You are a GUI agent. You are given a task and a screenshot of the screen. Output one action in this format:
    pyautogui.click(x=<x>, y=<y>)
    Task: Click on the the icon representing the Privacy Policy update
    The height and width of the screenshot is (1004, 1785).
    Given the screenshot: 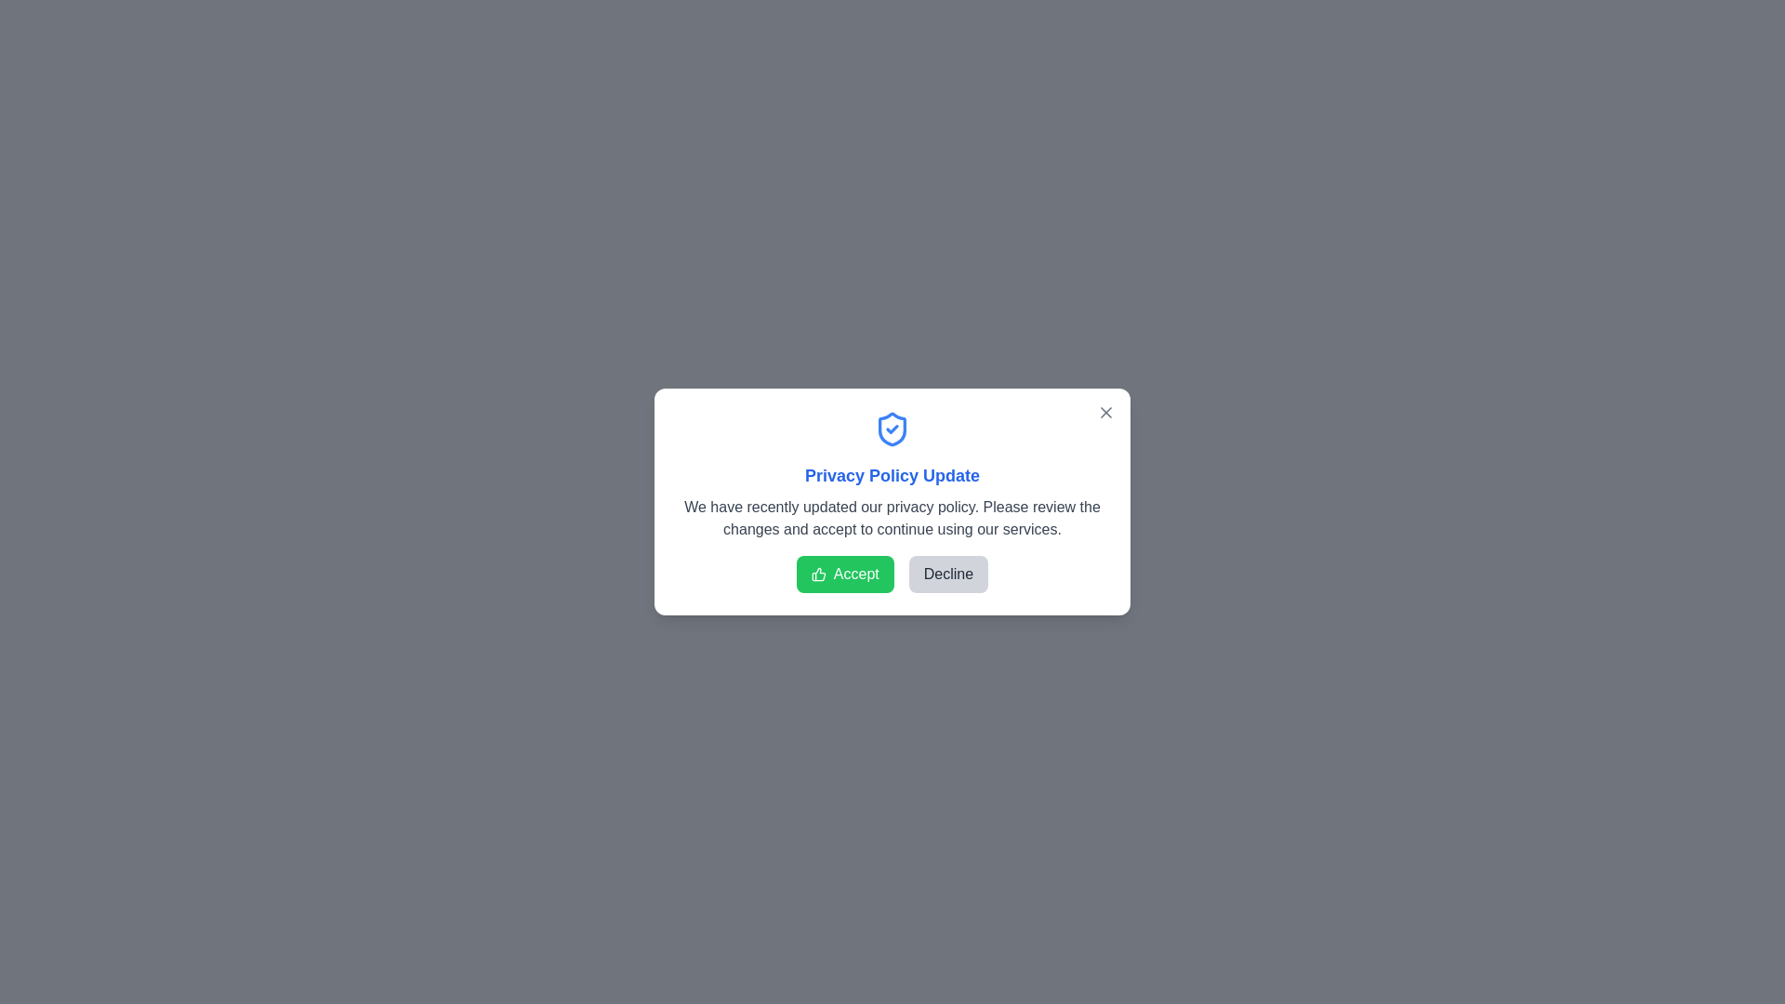 What is the action you would take?
    pyautogui.click(x=892, y=429)
    